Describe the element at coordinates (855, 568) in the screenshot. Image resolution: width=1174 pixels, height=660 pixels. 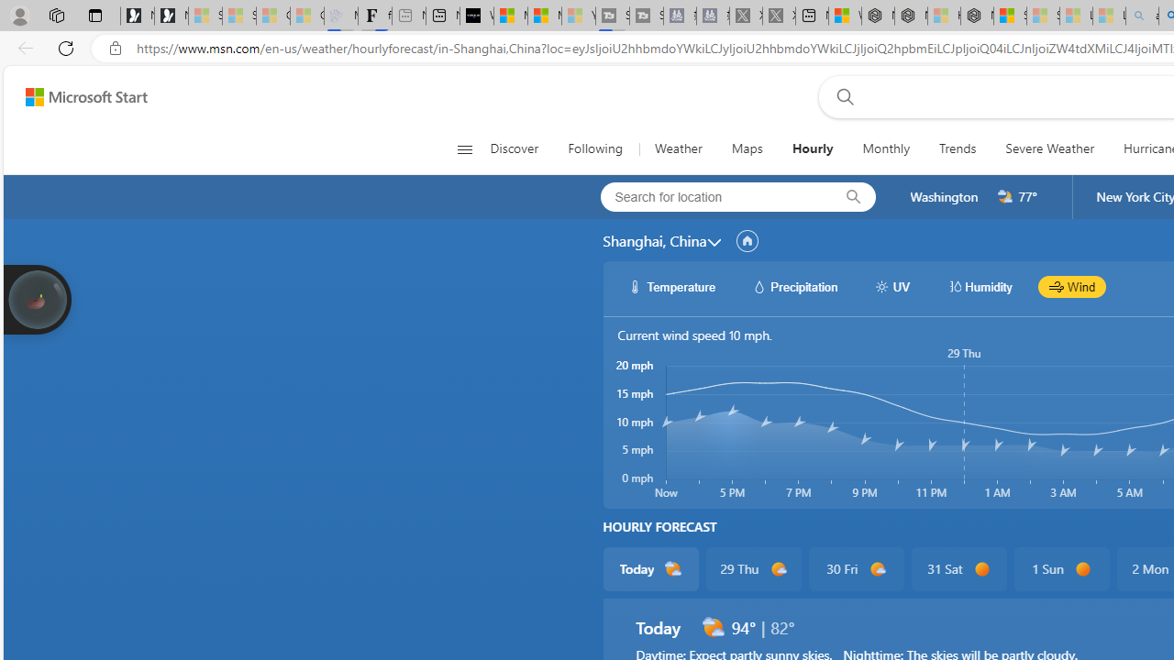
I see `'30 Fri d1000'` at that location.